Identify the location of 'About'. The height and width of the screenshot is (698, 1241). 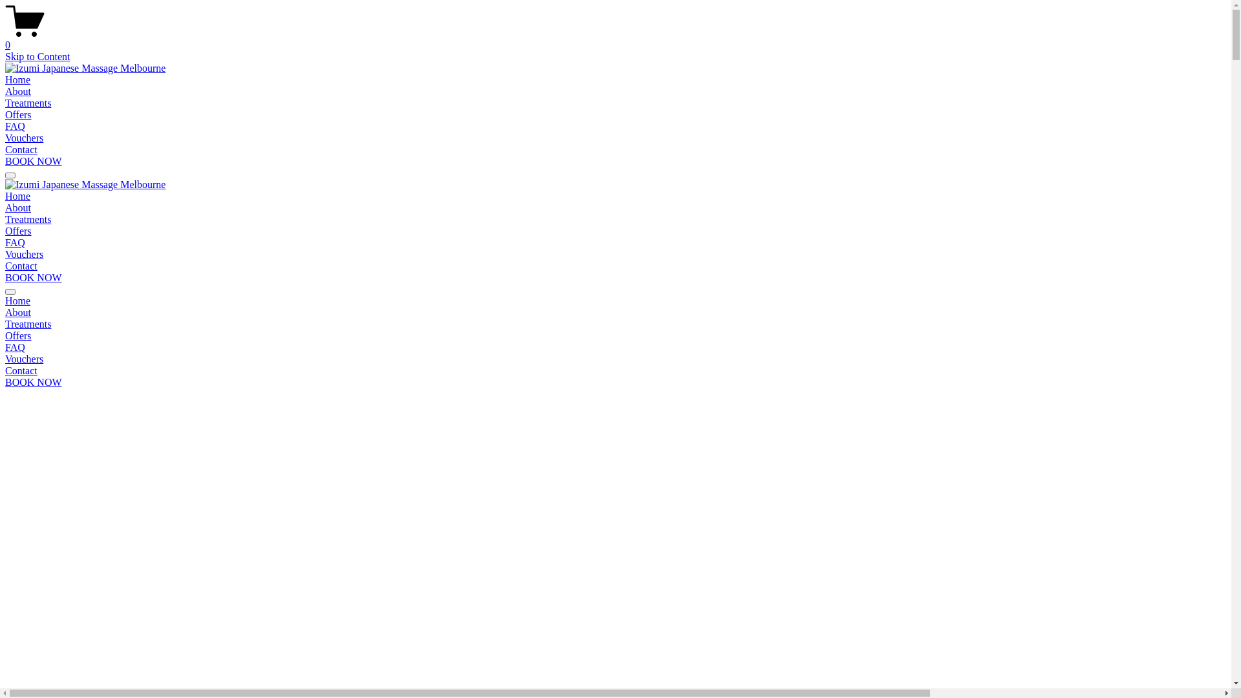
(18, 207).